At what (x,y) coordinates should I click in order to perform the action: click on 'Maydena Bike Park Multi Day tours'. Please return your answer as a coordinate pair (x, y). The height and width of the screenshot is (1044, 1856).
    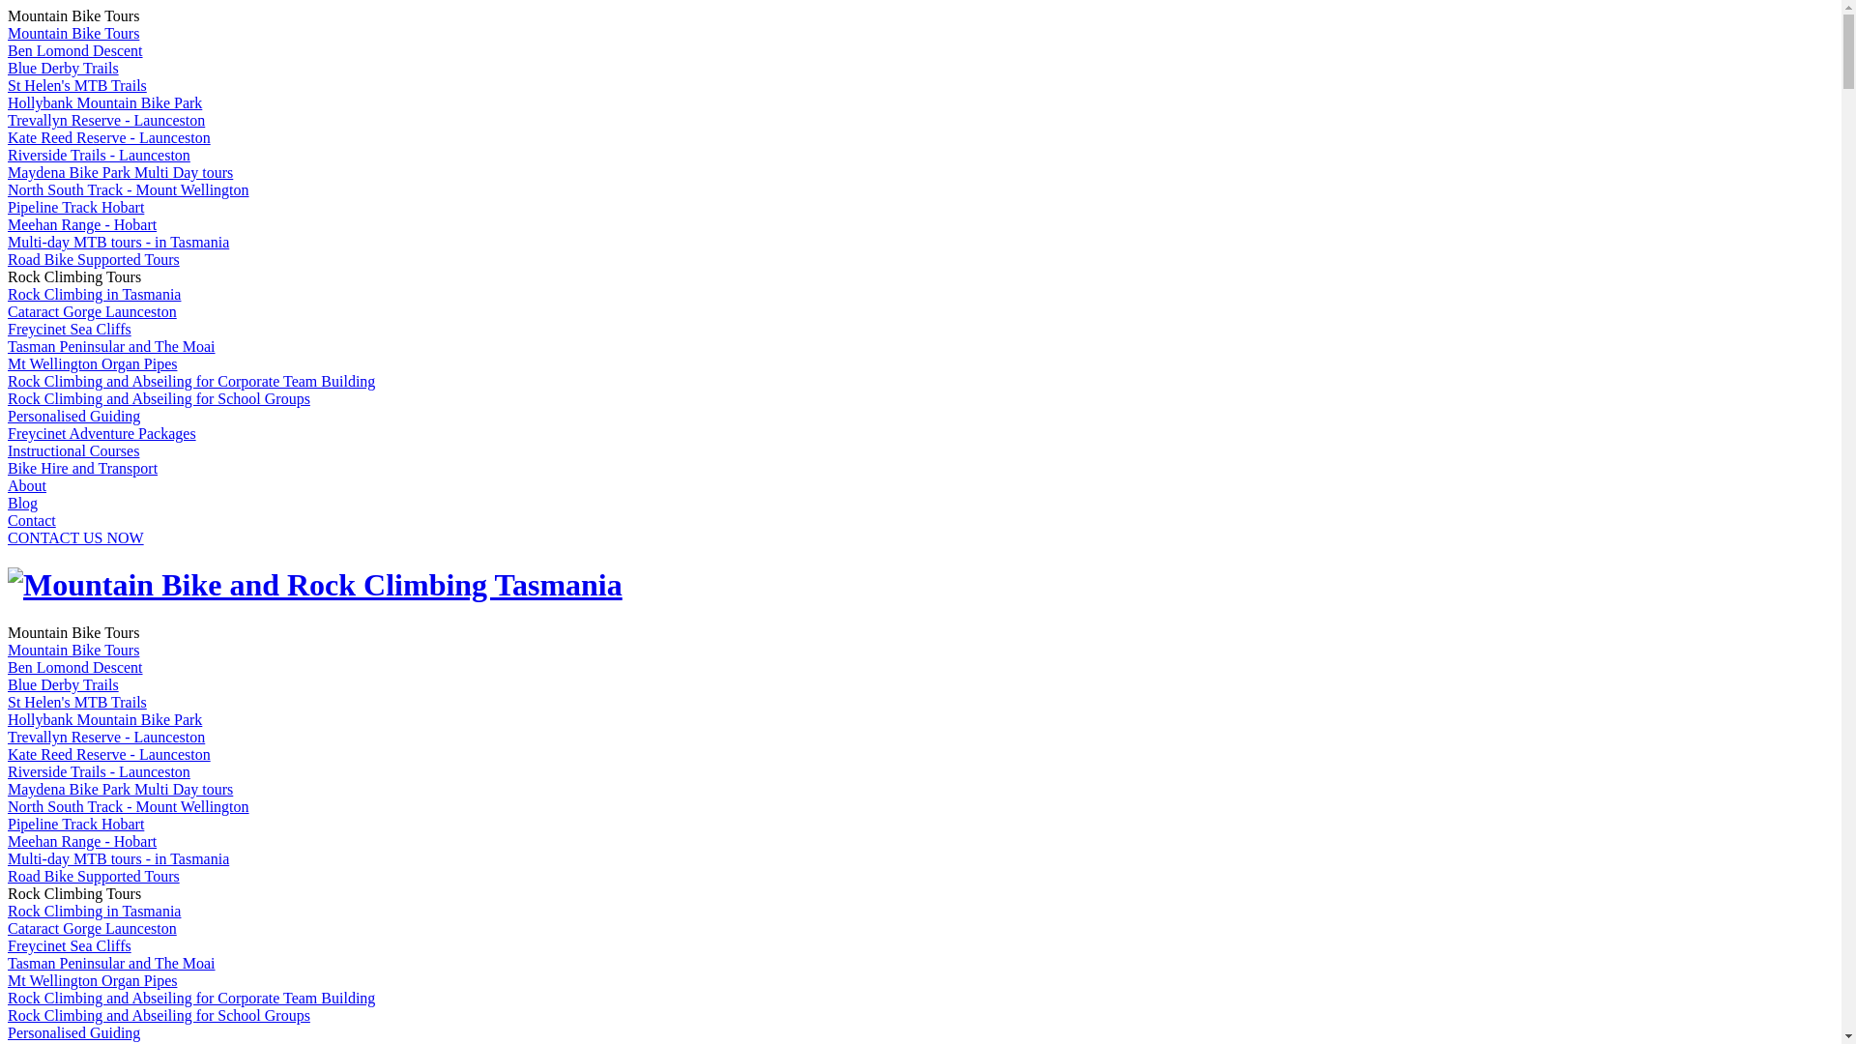
    Looking at the image, I should click on (119, 171).